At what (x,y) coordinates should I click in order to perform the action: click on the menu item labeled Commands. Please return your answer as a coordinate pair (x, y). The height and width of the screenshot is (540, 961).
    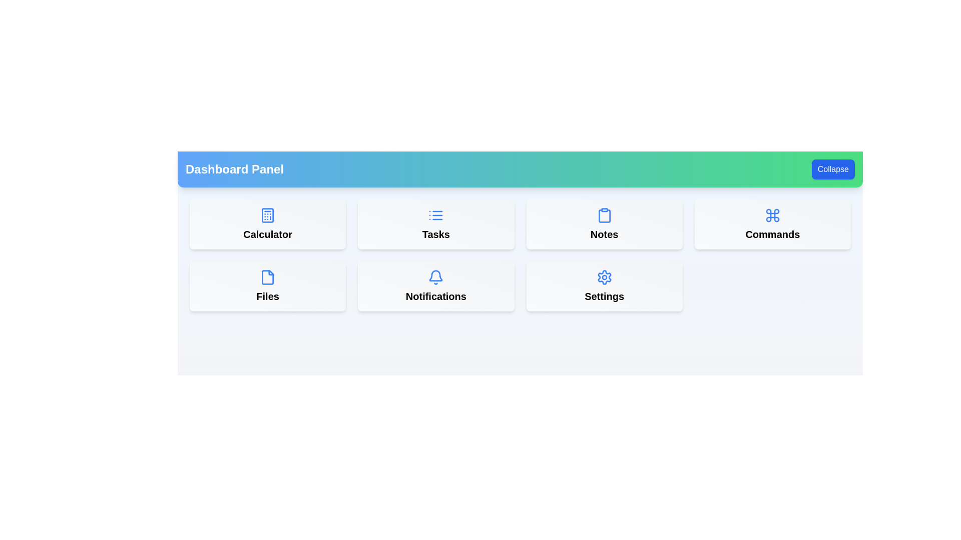
    Looking at the image, I should click on (771, 223).